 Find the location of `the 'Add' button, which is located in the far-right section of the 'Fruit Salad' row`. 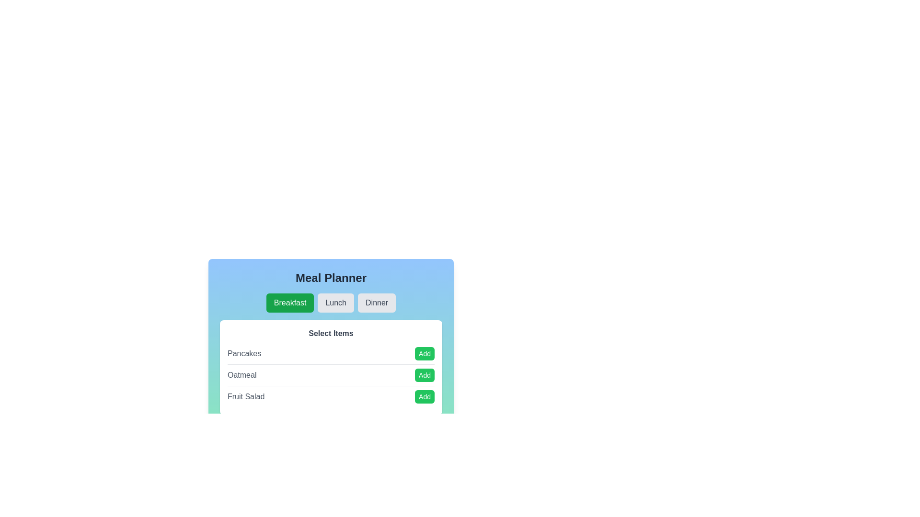

the 'Add' button, which is located in the far-right section of the 'Fruit Salad' row is located at coordinates (424, 397).